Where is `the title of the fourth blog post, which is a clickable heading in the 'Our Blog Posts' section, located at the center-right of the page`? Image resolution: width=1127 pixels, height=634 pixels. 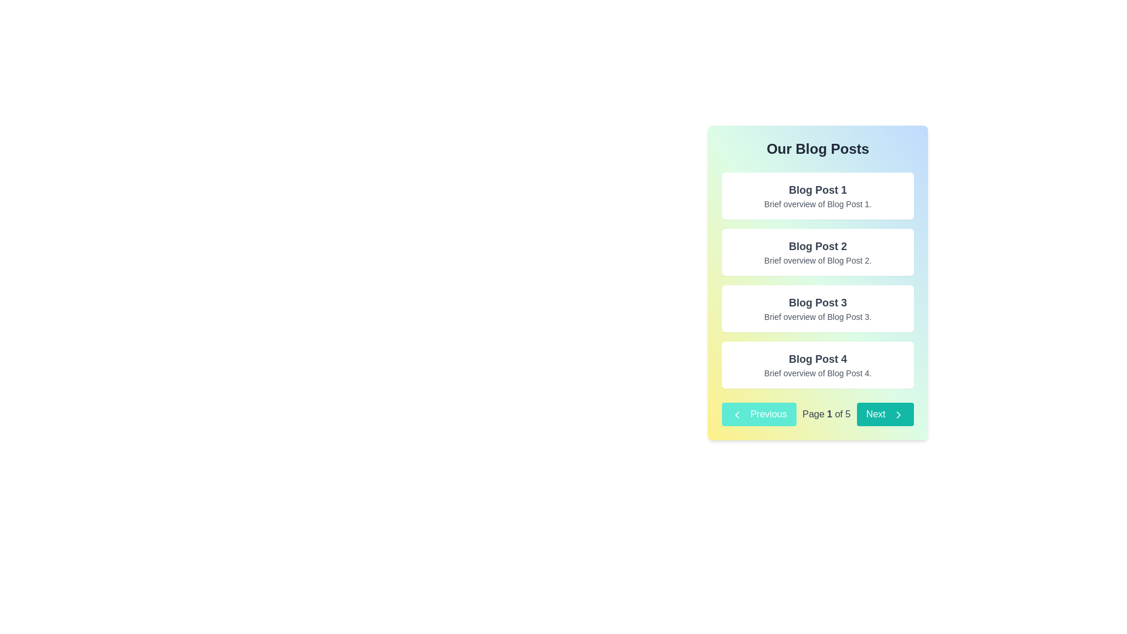
the title of the fourth blog post, which is a clickable heading in the 'Our Blog Posts' section, located at the center-right of the page is located at coordinates (817, 359).